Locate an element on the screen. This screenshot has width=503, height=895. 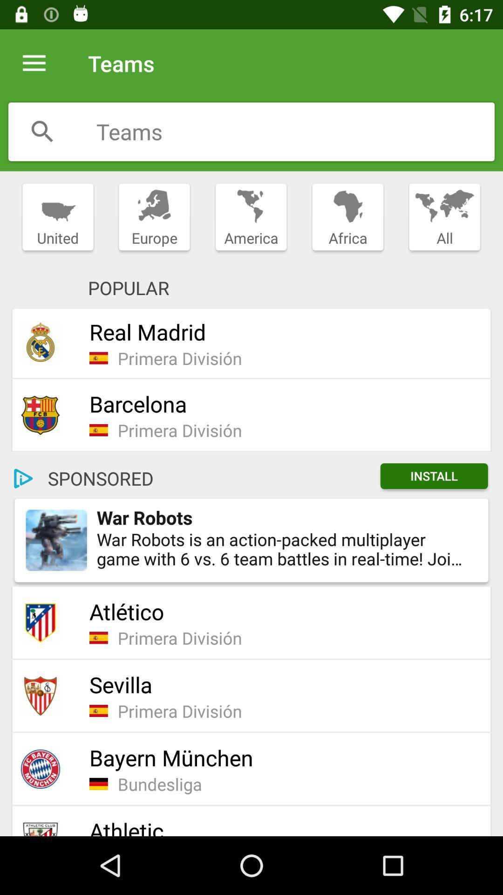
the item next to the europe item is located at coordinates (58, 217).